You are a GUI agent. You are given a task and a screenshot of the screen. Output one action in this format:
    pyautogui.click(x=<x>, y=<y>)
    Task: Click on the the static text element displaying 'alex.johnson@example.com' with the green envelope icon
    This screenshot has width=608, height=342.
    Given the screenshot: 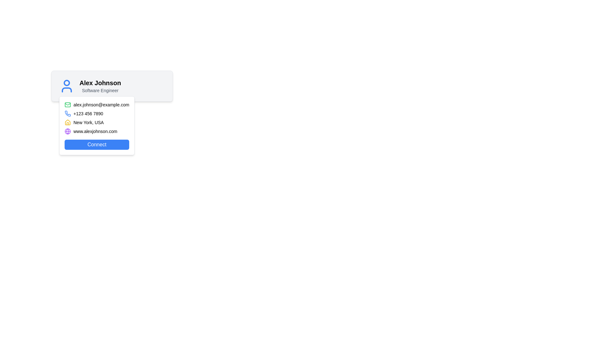 What is the action you would take?
    pyautogui.click(x=97, y=104)
    